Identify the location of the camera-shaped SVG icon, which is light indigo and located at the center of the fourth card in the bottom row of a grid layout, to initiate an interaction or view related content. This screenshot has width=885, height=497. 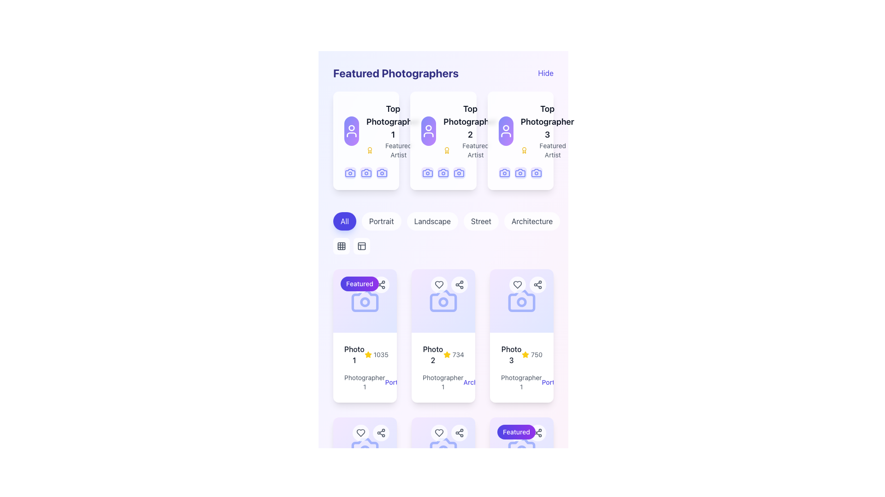
(365, 448).